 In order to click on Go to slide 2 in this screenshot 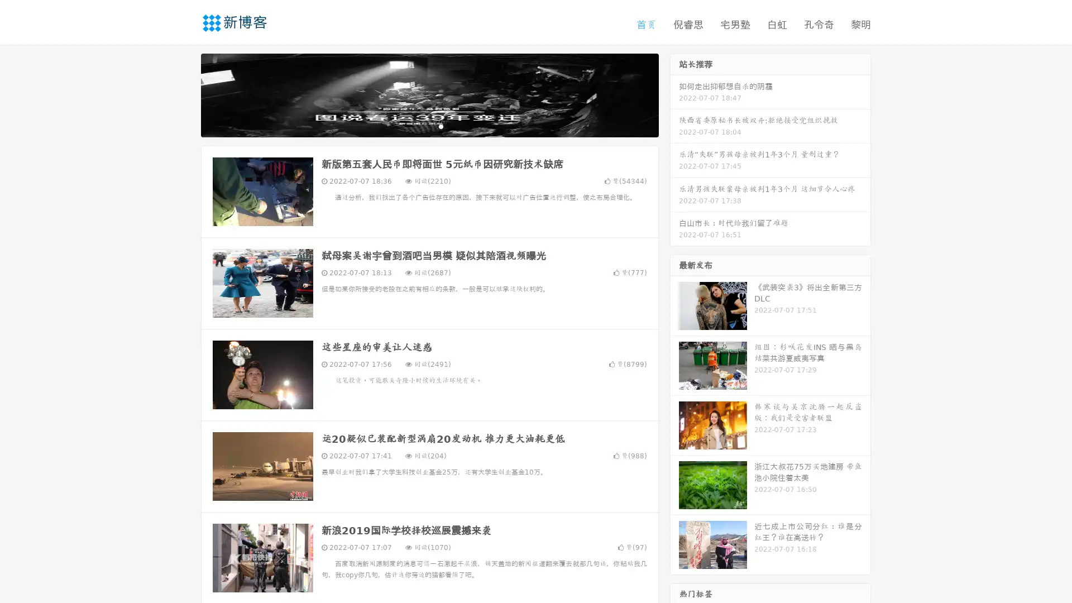, I will do `click(429, 126)`.